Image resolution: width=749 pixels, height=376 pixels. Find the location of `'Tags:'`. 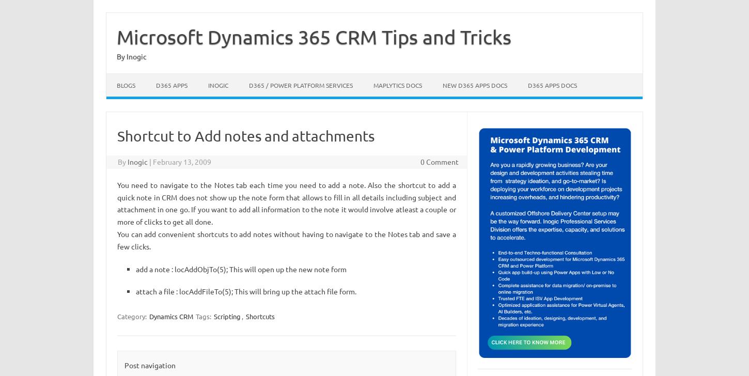

'Tags:' is located at coordinates (203, 316).